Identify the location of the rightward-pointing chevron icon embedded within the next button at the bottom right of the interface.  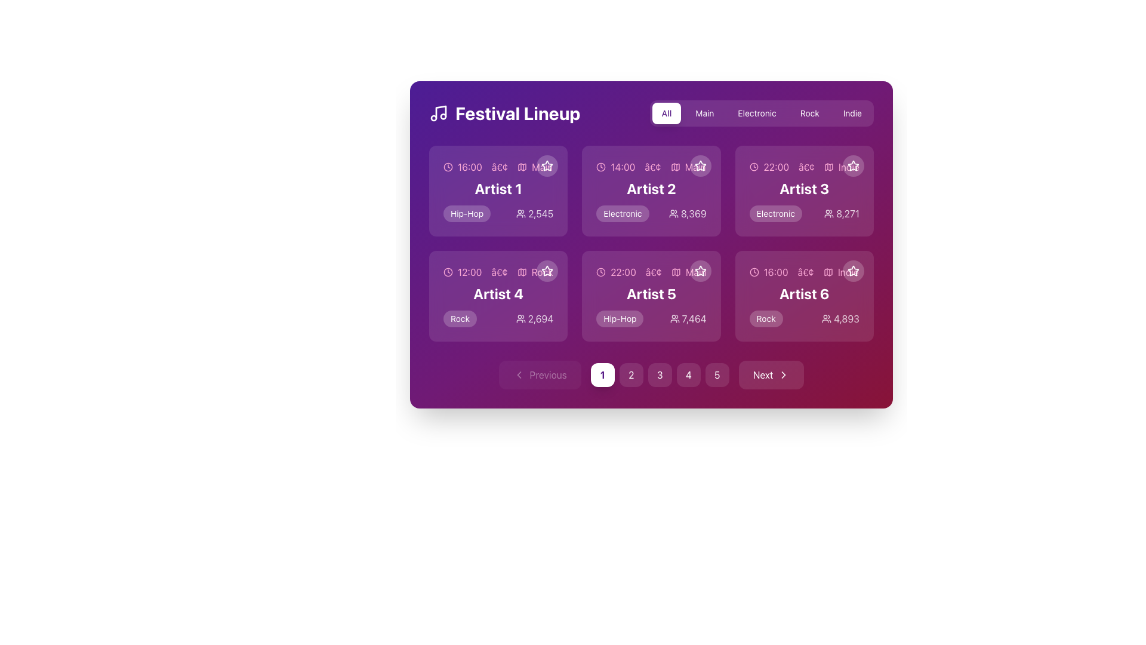
(784, 374).